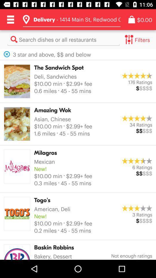 The width and height of the screenshot is (156, 278). Describe the element at coordinates (6, 54) in the screenshot. I see `the close icon` at that location.